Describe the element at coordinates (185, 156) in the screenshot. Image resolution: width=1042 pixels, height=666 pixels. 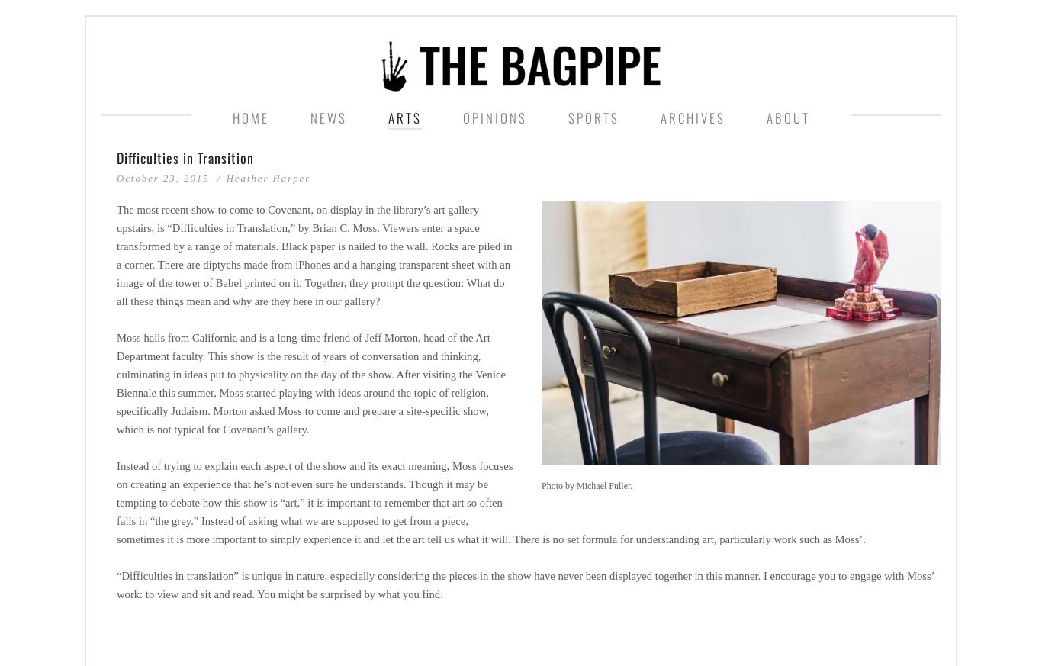
I see `'Difficulties in Transition'` at that location.